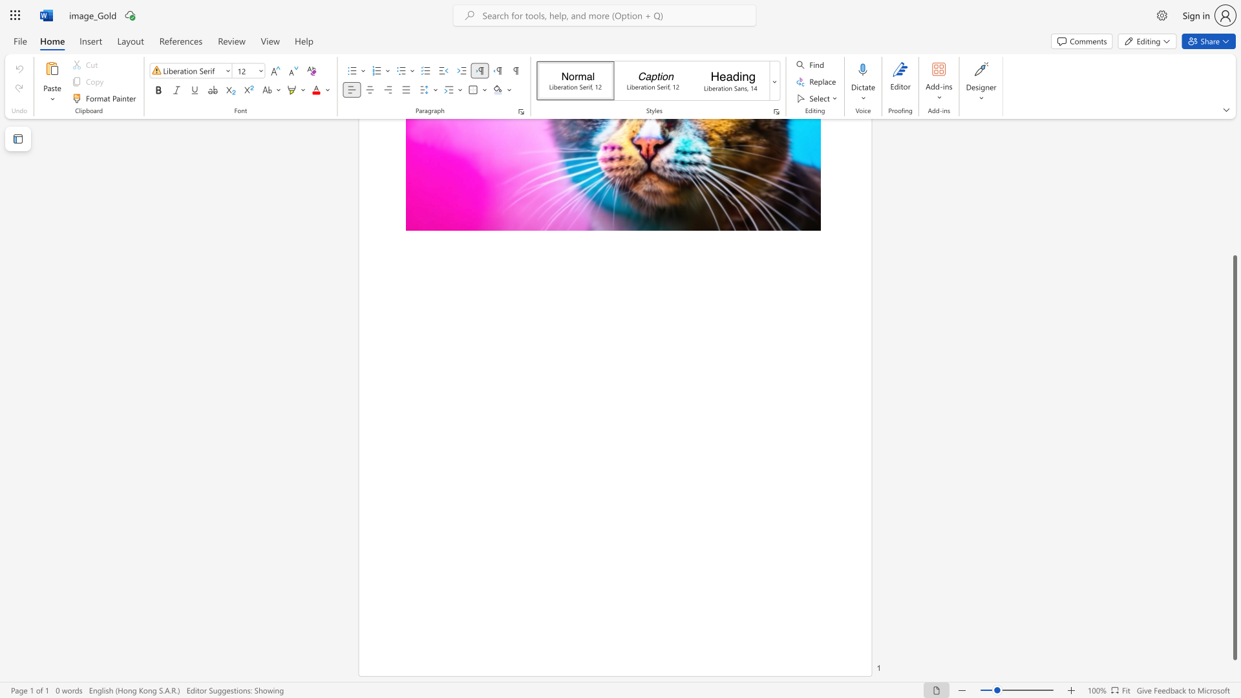 Image resolution: width=1241 pixels, height=698 pixels. What do you see at coordinates (1234, 457) in the screenshot?
I see `the scrollbar and move up 130 pixels` at bounding box center [1234, 457].